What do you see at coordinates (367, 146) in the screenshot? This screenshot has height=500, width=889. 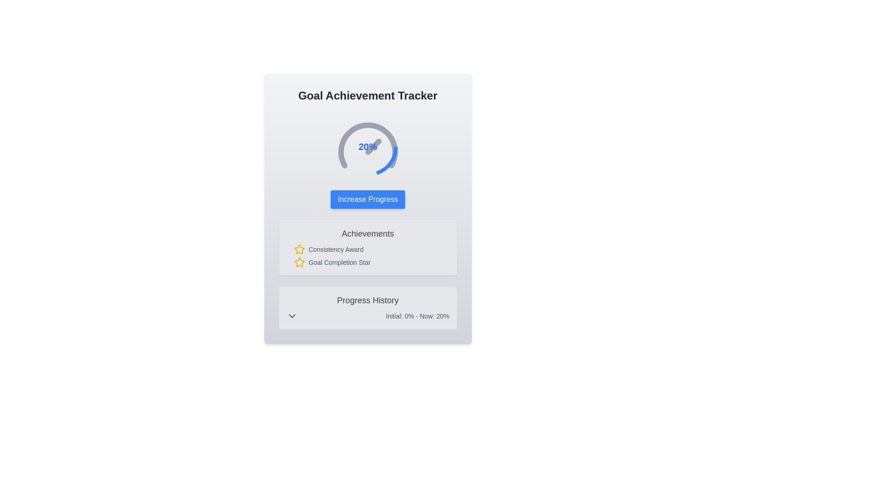 I see `the Circular Progress Indicator element, which displays a gray outer ring with a bright blue progress line indicating 20% completion and the text '20%' in bold blue at its center, located above the 'Increase Progress' button` at bounding box center [367, 146].